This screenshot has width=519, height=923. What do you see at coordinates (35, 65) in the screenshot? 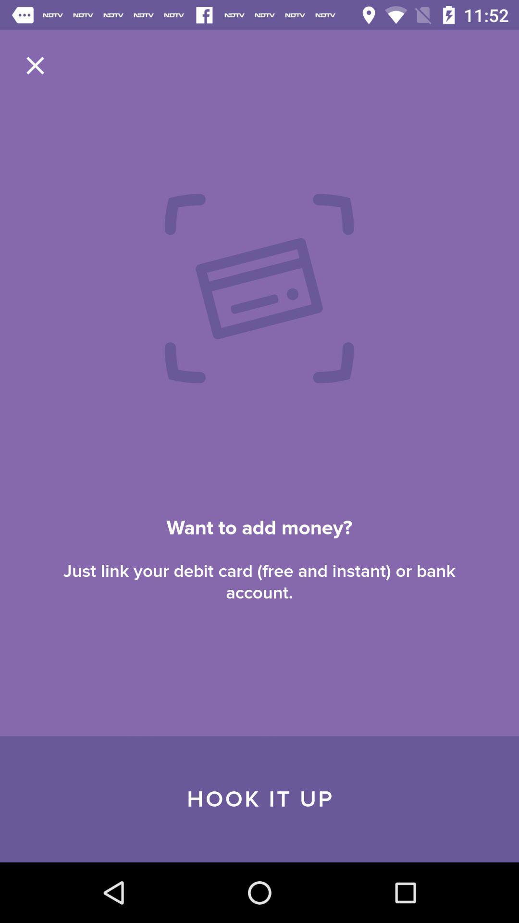
I see `the icon above the just link your` at bounding box center [35, 65].